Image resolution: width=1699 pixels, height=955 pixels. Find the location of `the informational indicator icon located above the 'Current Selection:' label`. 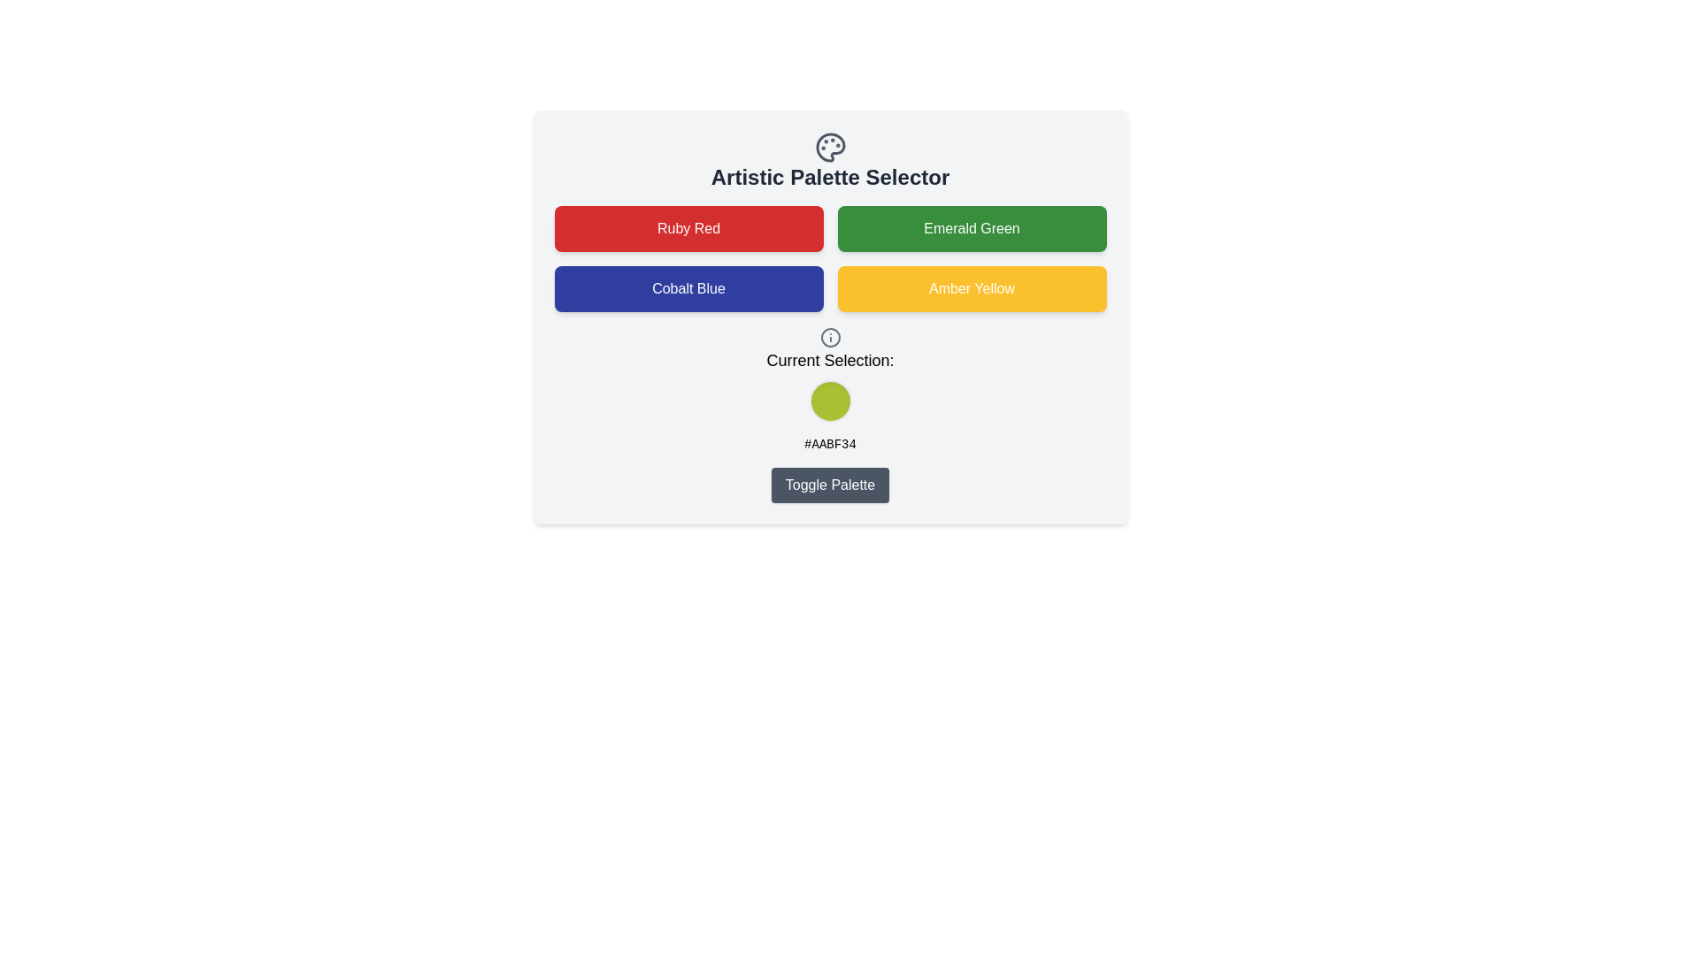

the informational indicator icon located above the 'Current Selection:' label is located at coordinates (829, 337).